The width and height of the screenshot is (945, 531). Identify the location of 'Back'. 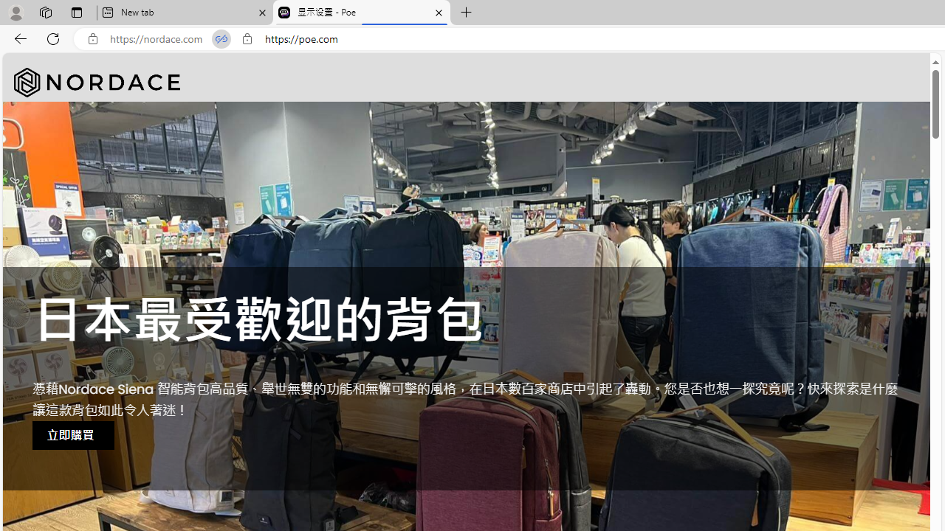
(18, 38).